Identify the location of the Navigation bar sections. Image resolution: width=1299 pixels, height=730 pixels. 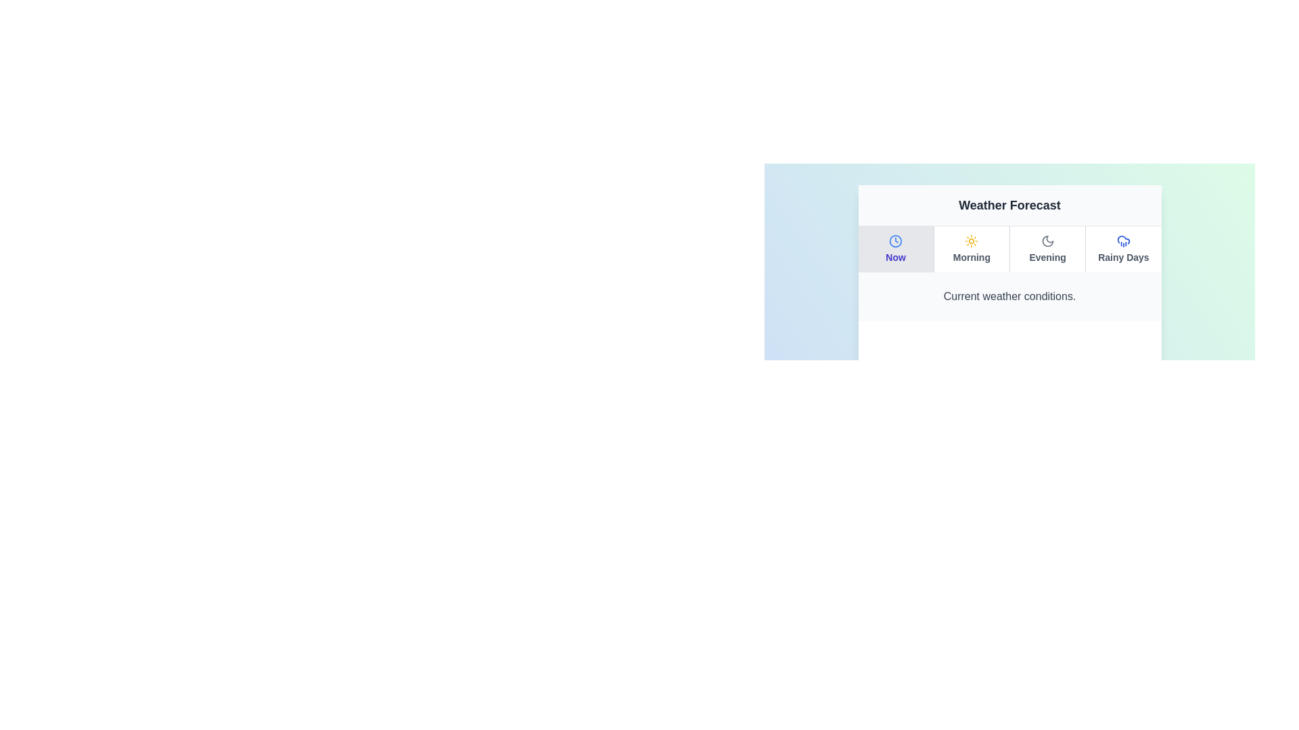
(1009, 249).